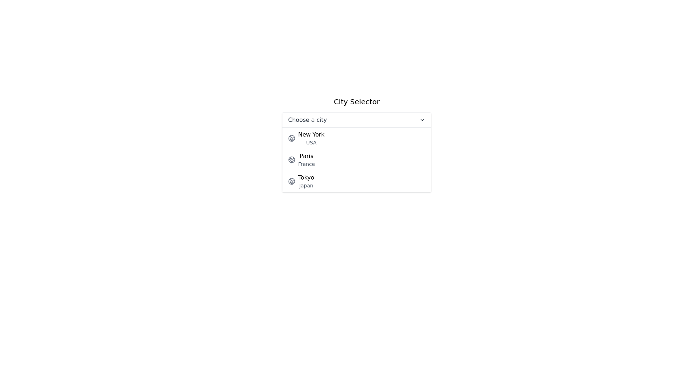 Image resolution: width=689 pixels, height=387 pixels. Describe the element at coordinates (306, 177) in the screenshot. I see `text label displaying 'Tokyo' located in the dropdown selection area under the header 'City Selector', positioned above the country label 'Japan'` at that location.